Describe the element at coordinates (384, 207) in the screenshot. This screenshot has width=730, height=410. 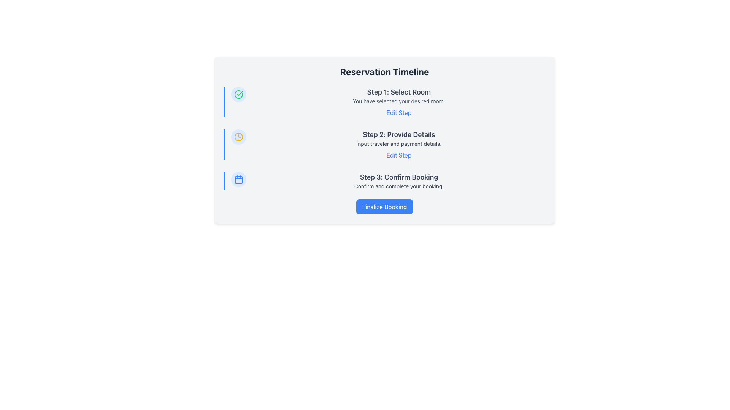
I see `the blue rectangular button with rounded corners and white bold text that says 'Finalize Booking'` at that location.